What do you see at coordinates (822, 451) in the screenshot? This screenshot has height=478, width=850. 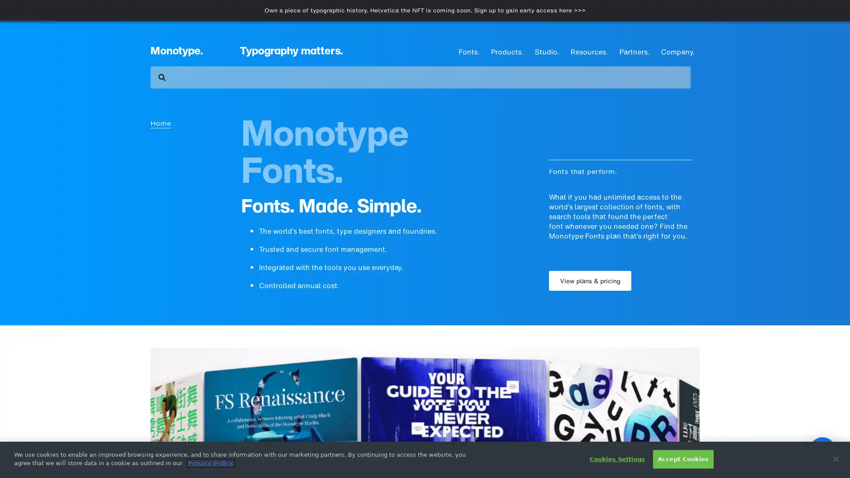 I see `Open Intercom Messenger` at bounding box center [822, 451].